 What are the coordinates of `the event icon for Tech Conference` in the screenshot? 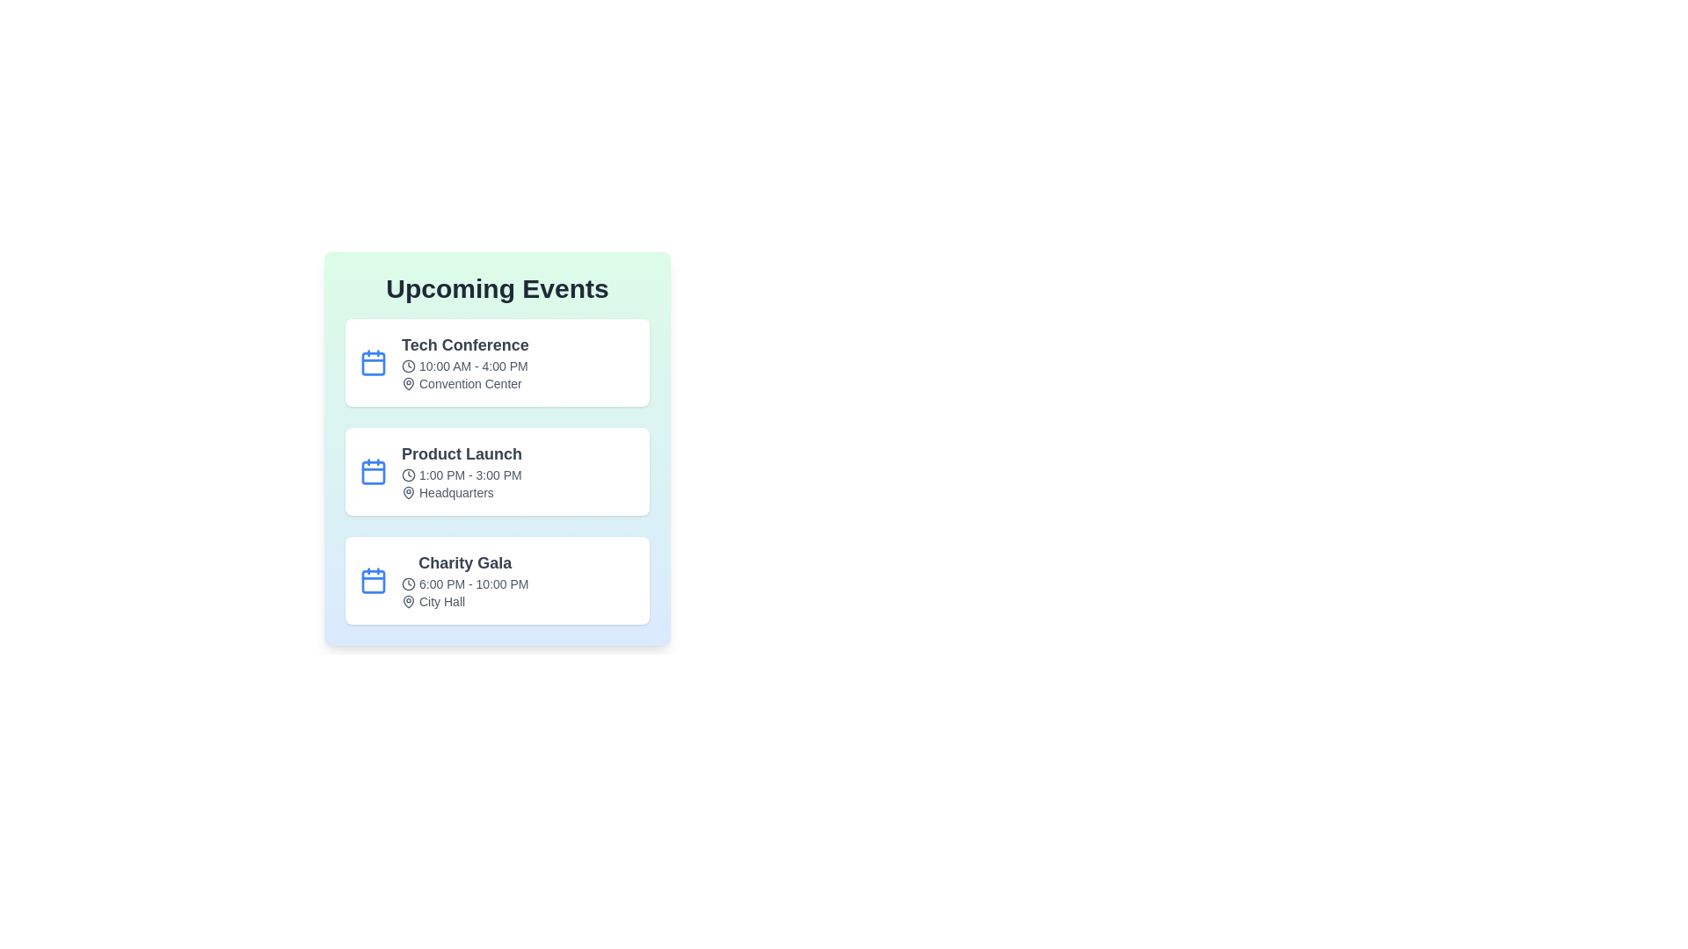 It's located at (373, 361).